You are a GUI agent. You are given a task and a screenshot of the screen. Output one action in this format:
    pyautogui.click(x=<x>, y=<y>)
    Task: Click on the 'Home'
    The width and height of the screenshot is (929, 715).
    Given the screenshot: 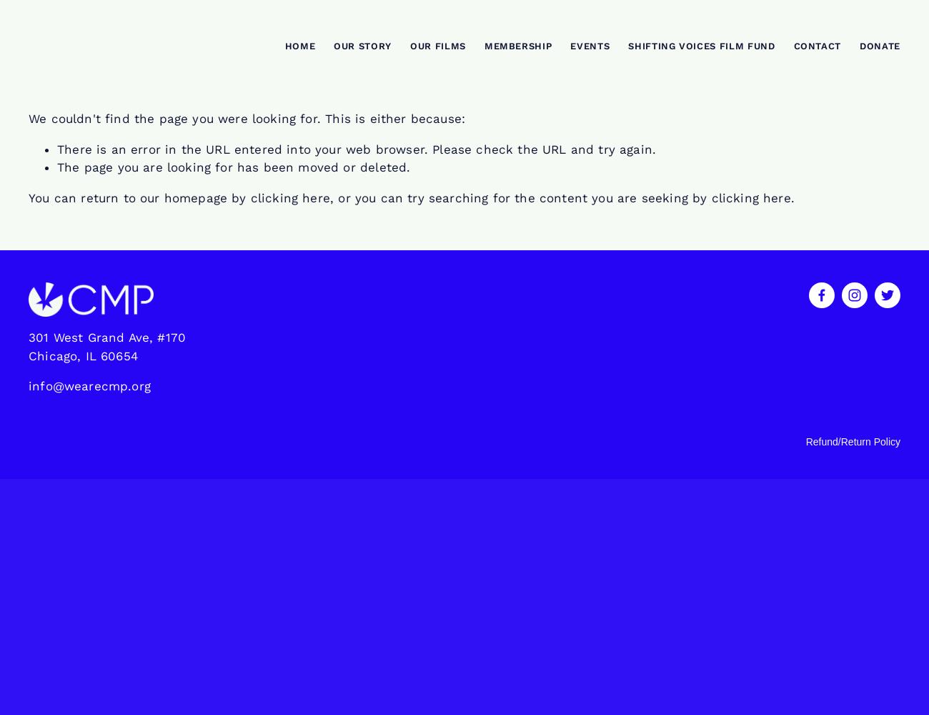 What is the action you would take?
    pyautogui.click(x=299, y=45)
    